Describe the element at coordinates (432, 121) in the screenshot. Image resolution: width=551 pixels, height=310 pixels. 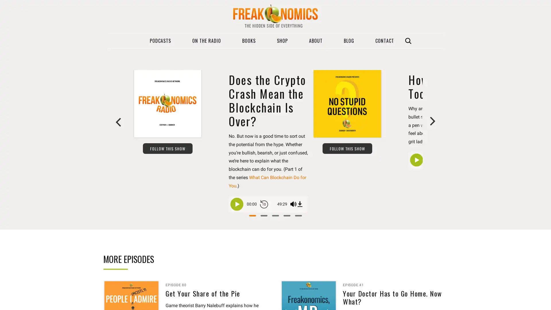
I see `Next` at that location.